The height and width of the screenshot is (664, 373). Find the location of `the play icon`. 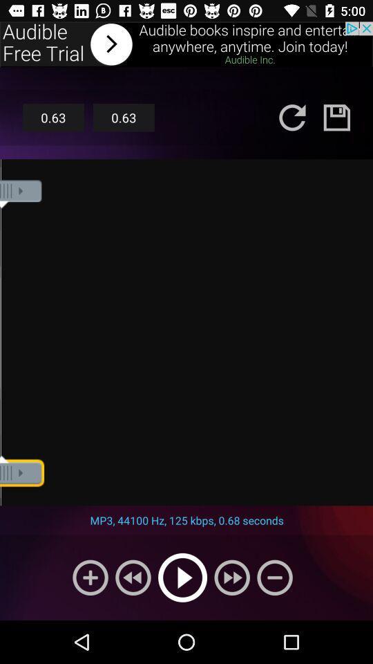

the play icon is located at coordinates (182, 578).